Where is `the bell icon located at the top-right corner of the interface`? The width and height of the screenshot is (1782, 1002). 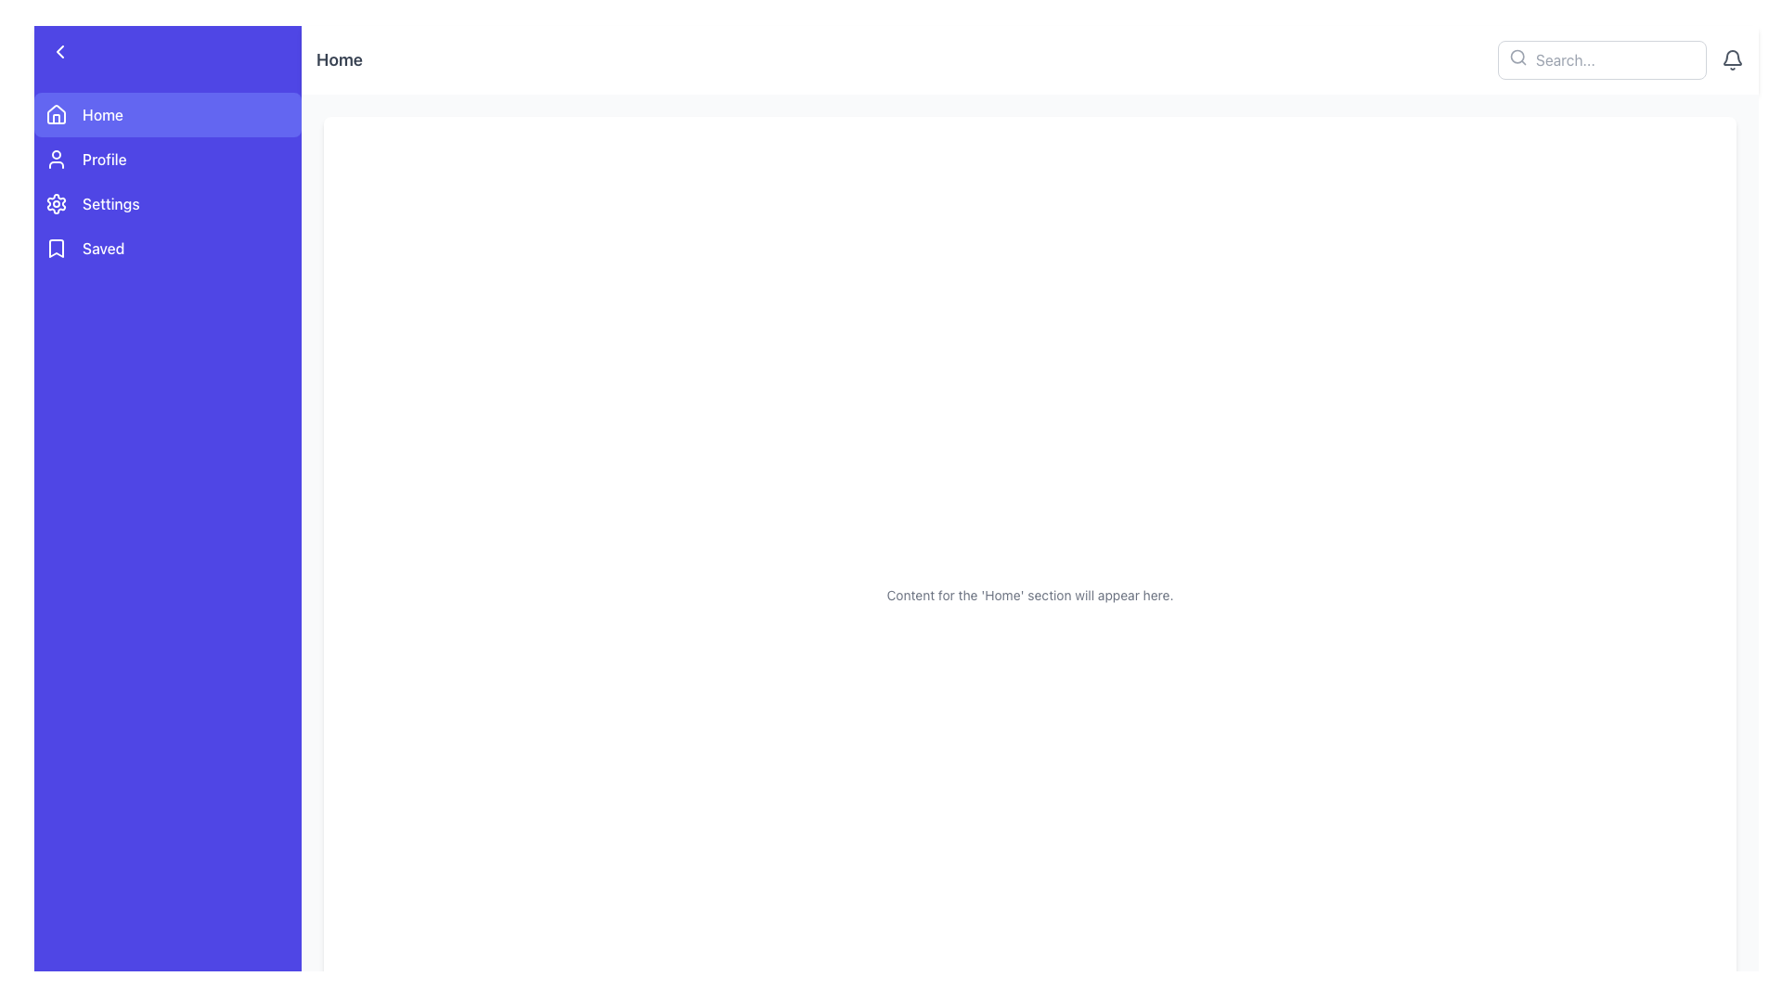
the bell icon located at the top-right corner of the interface is located at coordinates (1732, 59).